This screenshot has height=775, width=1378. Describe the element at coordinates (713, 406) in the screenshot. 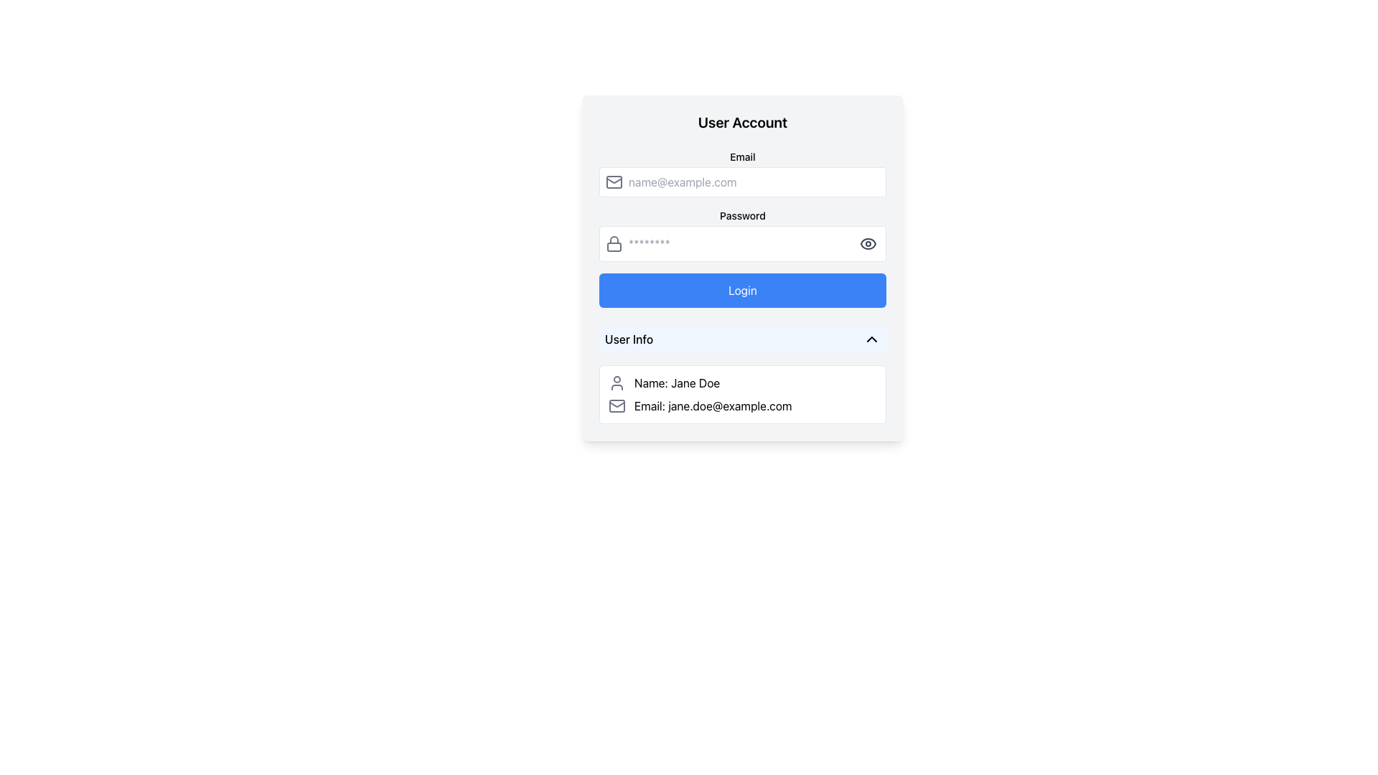

I see `text label displaying 'Email: jane.doe@example.com' which is located at the bottom-right of the 'User Info' section under the 'User Account' panel, next to the email icon` at that location.